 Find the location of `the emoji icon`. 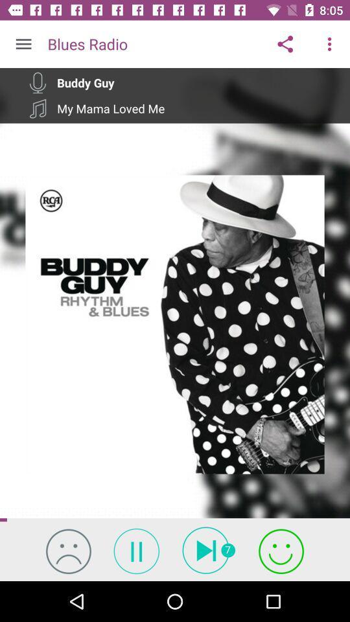

the emoji icon is located at coordinates (68, 550).